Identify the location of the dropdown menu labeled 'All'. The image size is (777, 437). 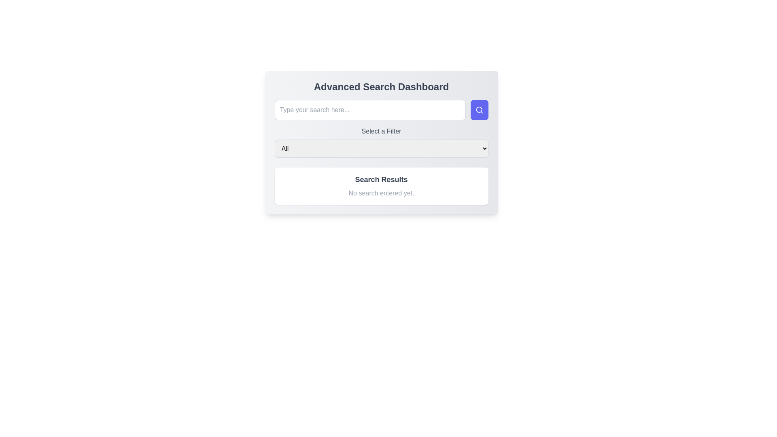
(381, 148).